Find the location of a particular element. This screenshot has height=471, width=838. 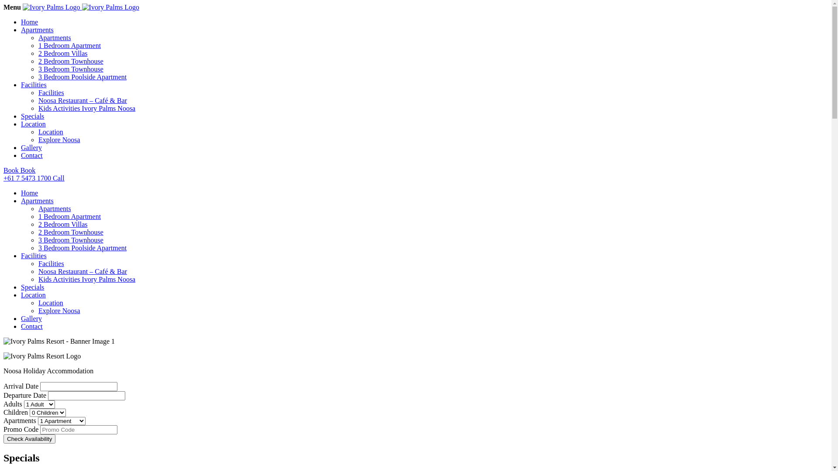

'Home' is located at coordinates (29, 21).